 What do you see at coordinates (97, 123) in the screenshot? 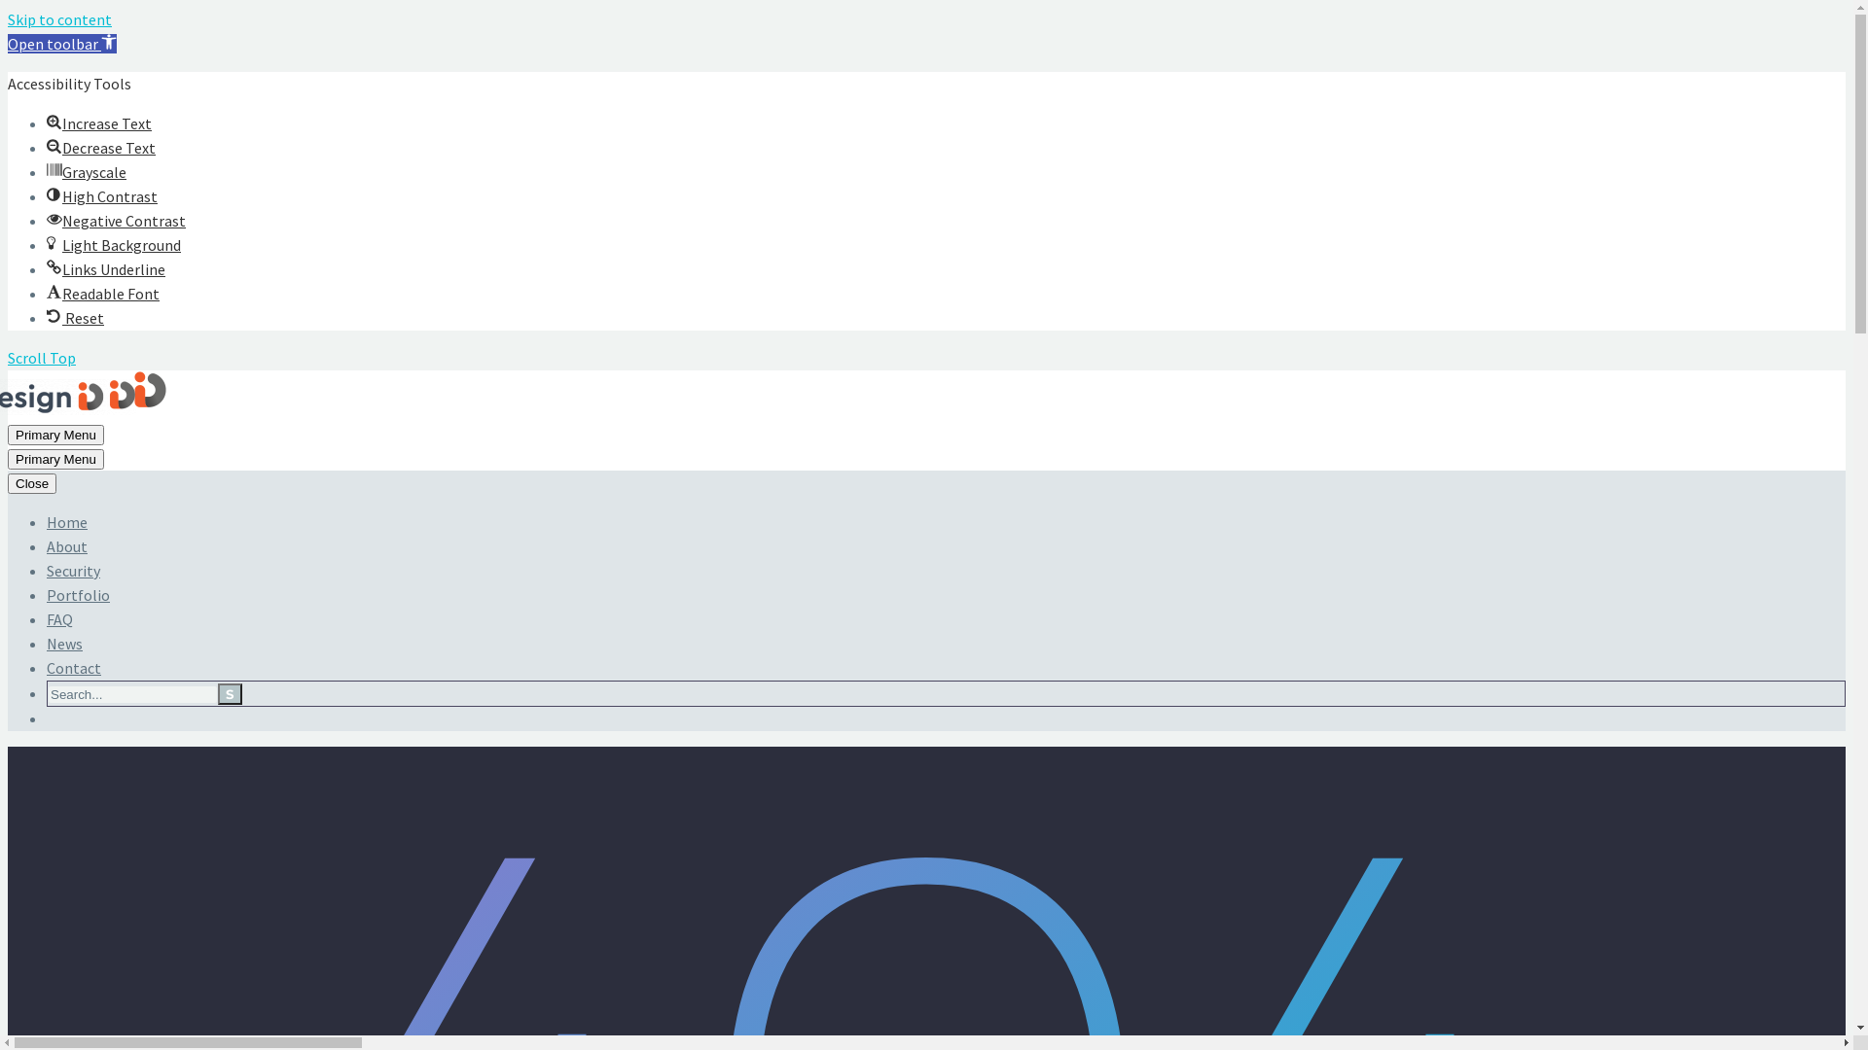
I see `'Increase TextIncrease Text'` at bounding box center [97, 123].